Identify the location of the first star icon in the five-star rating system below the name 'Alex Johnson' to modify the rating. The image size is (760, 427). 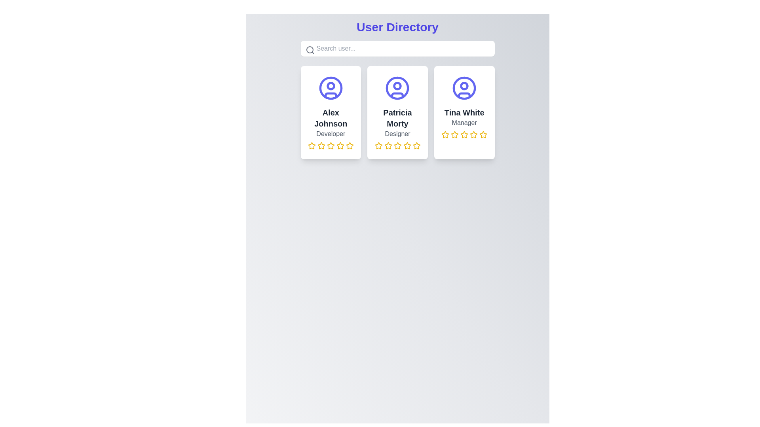
(311, 146).